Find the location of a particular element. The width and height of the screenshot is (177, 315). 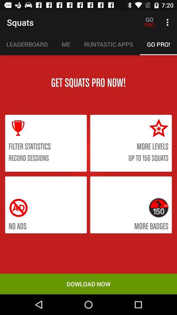

the item to the left of the runtastic apps icon is located at coordinates (66, 44).